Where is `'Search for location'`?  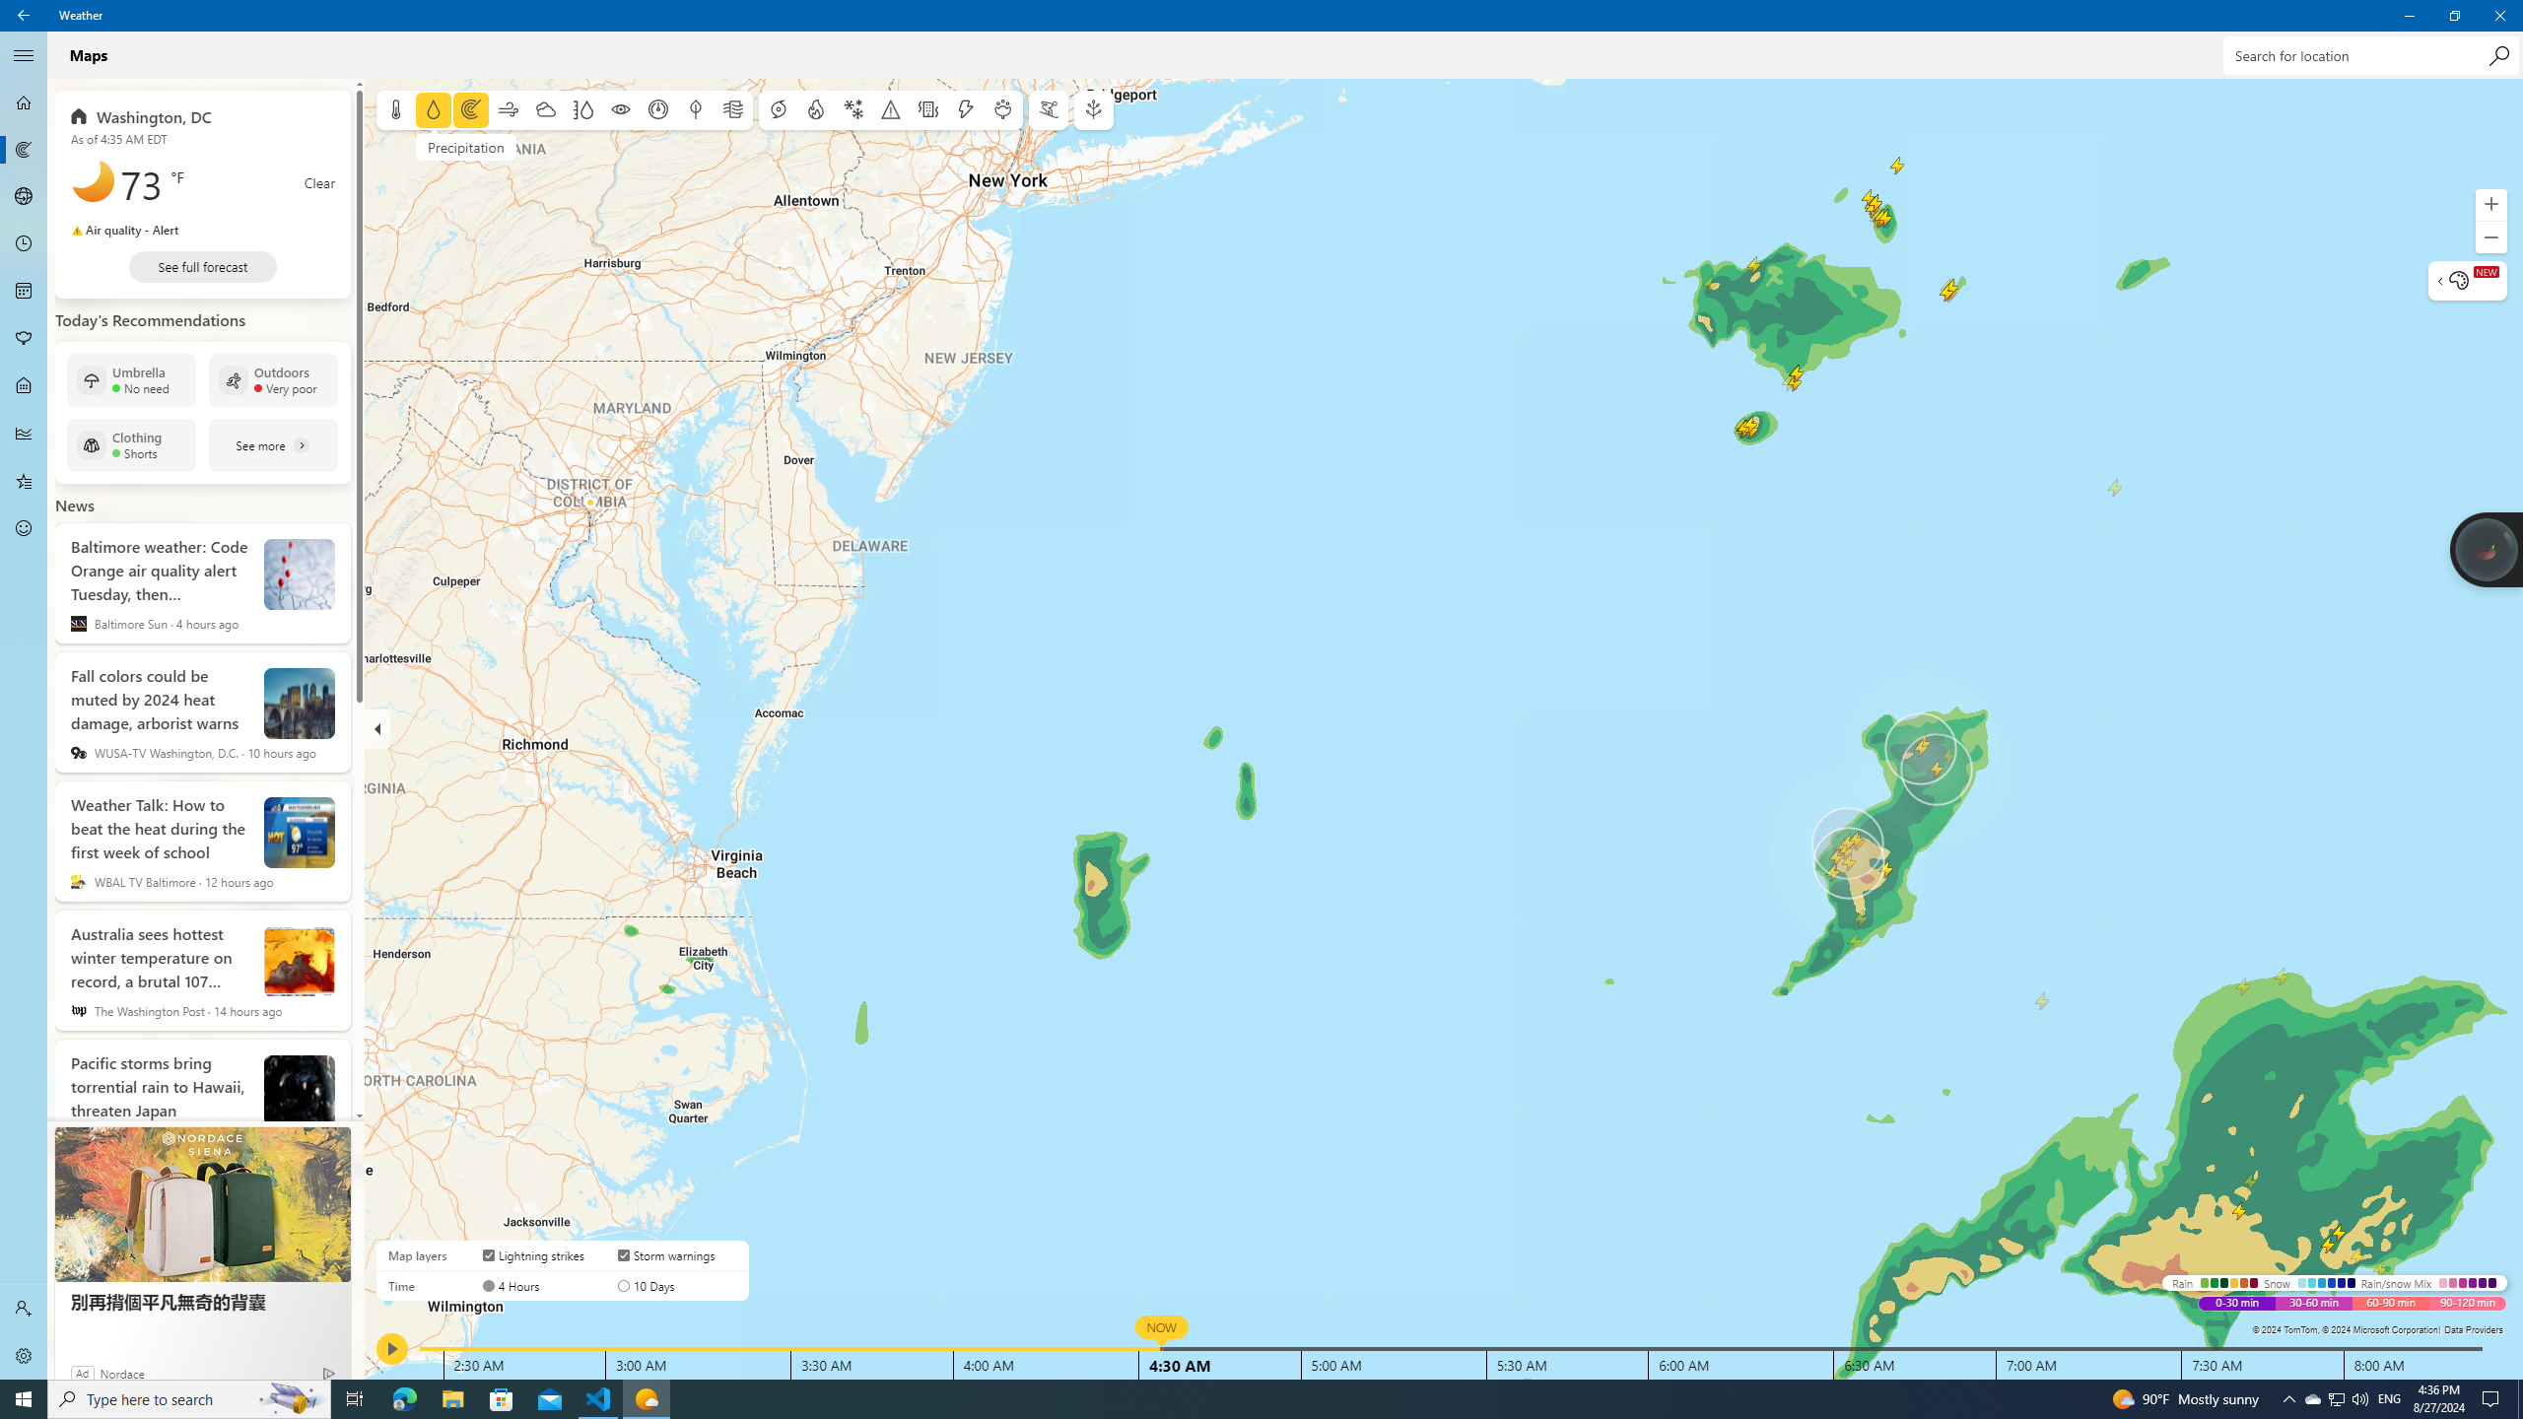 'Search for location' is located at coordinates (2370, 54).